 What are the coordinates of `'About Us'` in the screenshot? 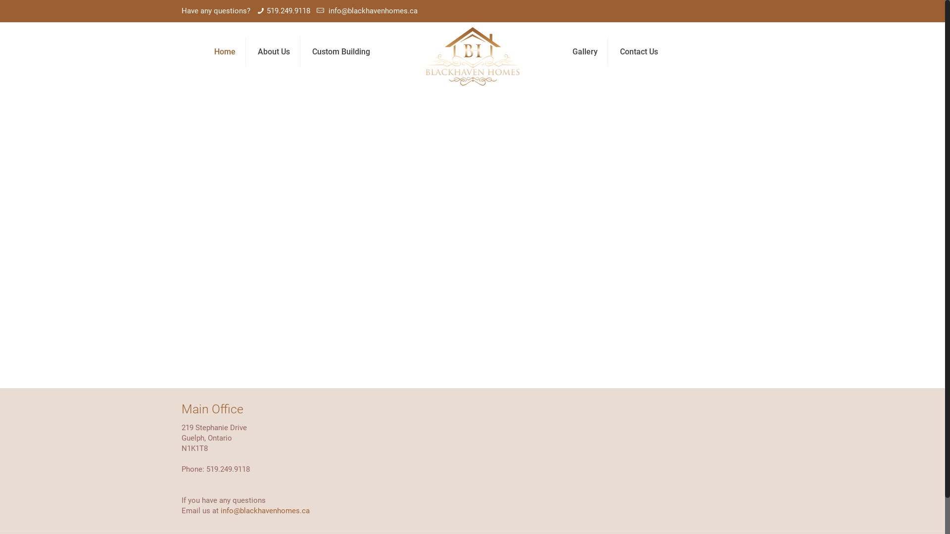 It's located at (274, 51).